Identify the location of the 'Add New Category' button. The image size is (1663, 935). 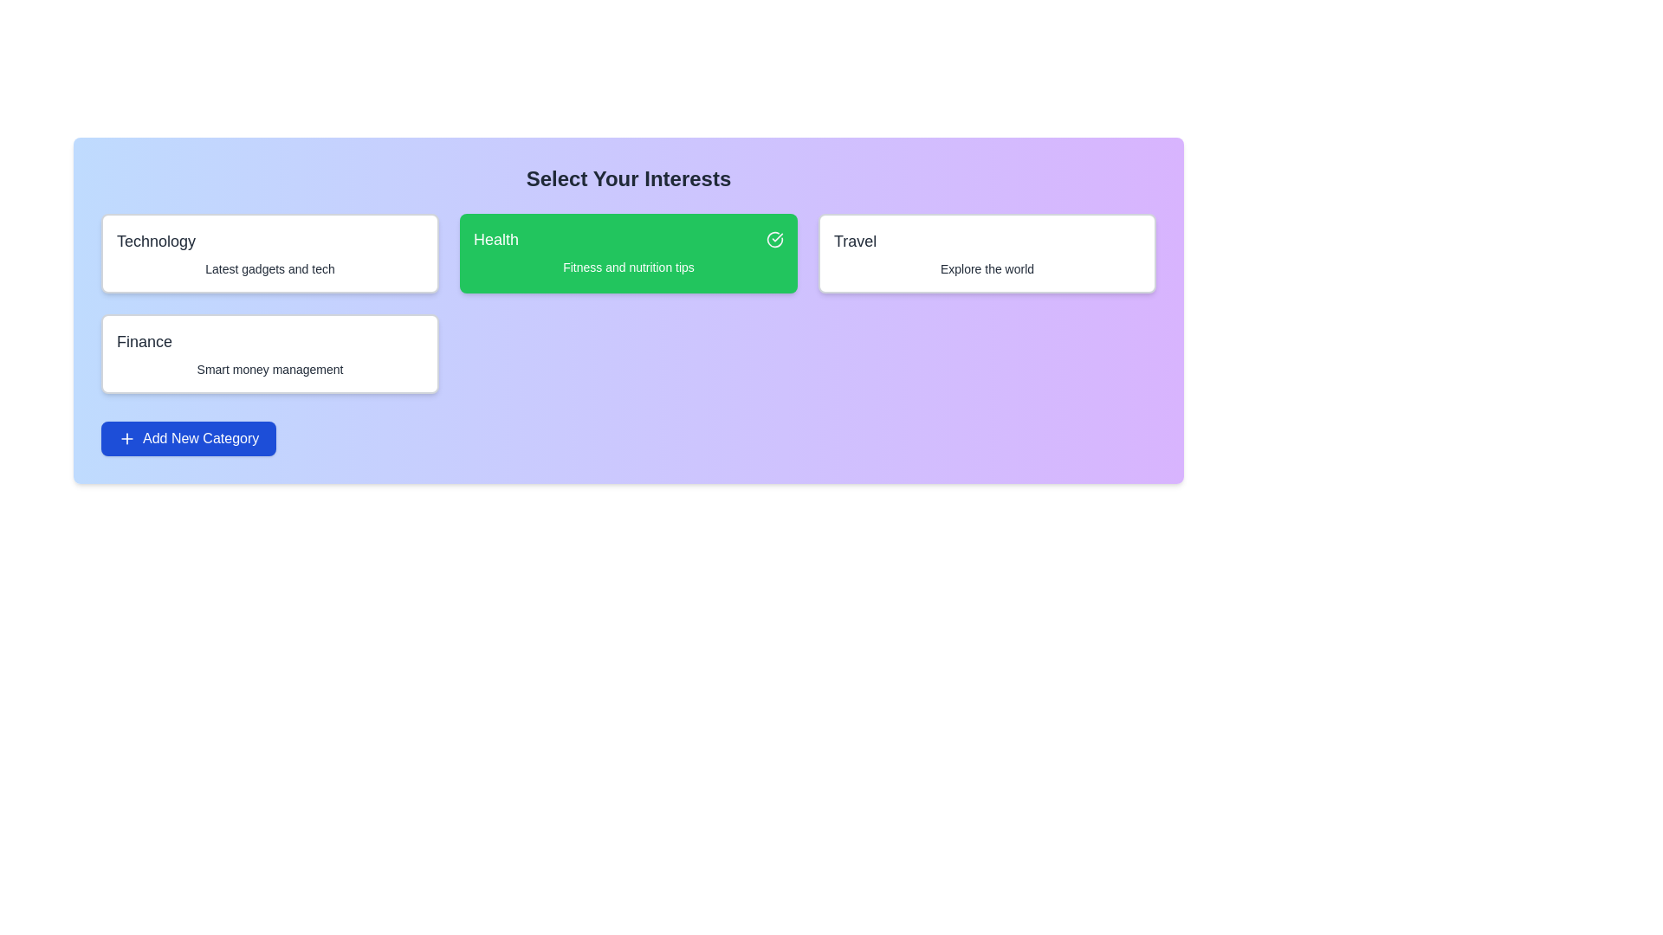
(188, 437).